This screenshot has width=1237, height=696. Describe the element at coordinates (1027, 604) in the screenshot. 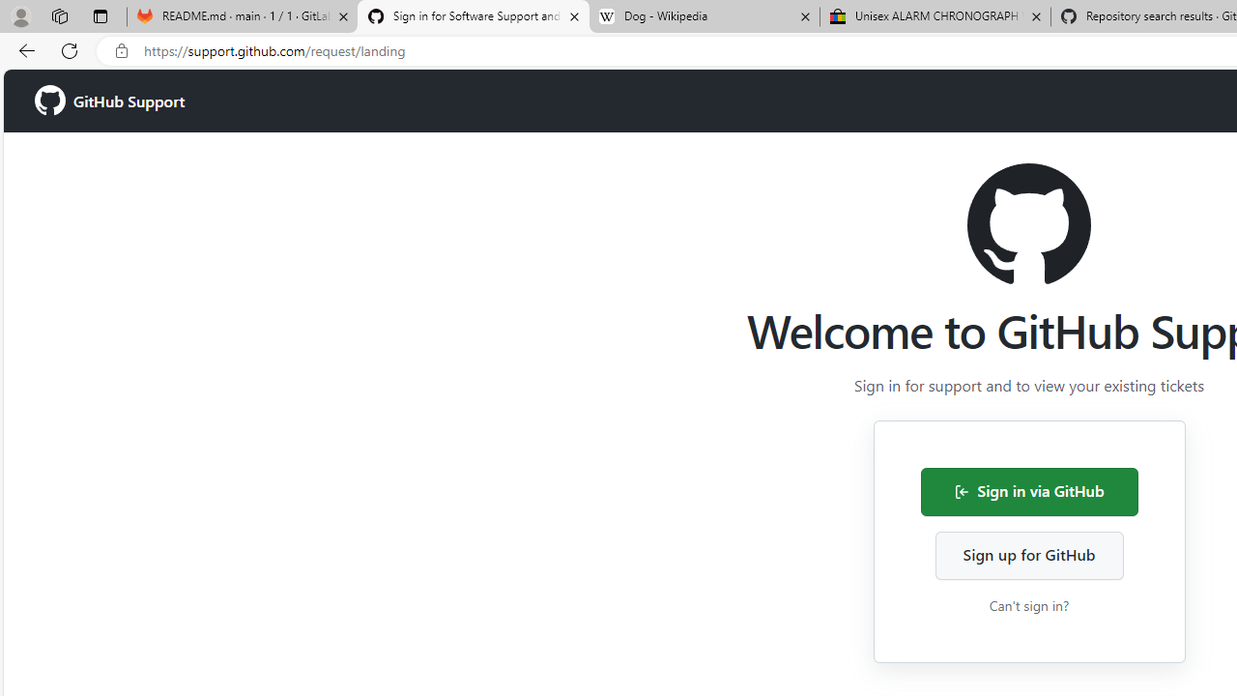

I see `'Can'` at that location.